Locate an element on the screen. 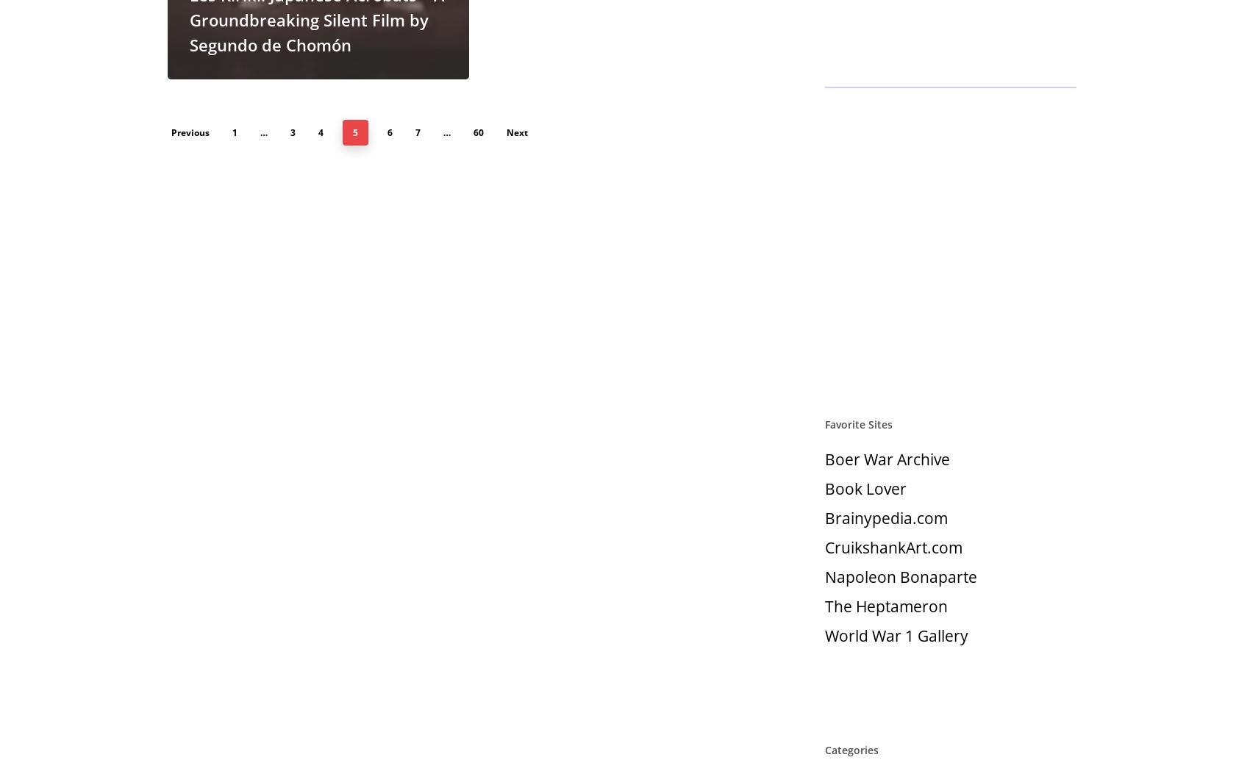 The height and width of the screenshot is (760, 1250). '4' is located at coordinates (320, 132).